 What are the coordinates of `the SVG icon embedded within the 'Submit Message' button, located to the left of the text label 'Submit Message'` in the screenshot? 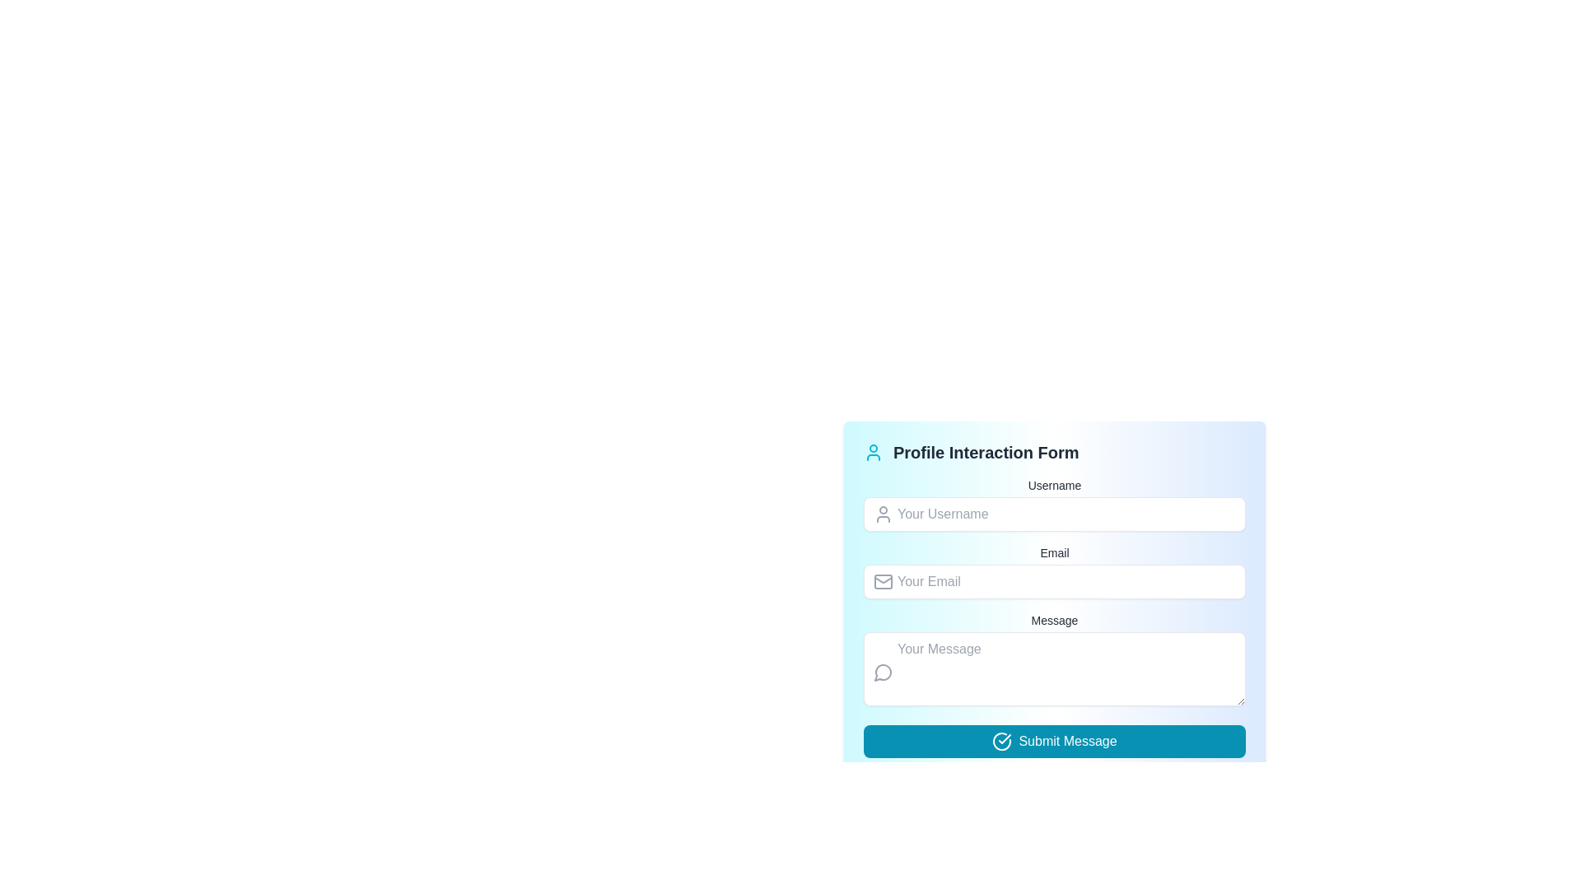 It's located at (1001, 742).